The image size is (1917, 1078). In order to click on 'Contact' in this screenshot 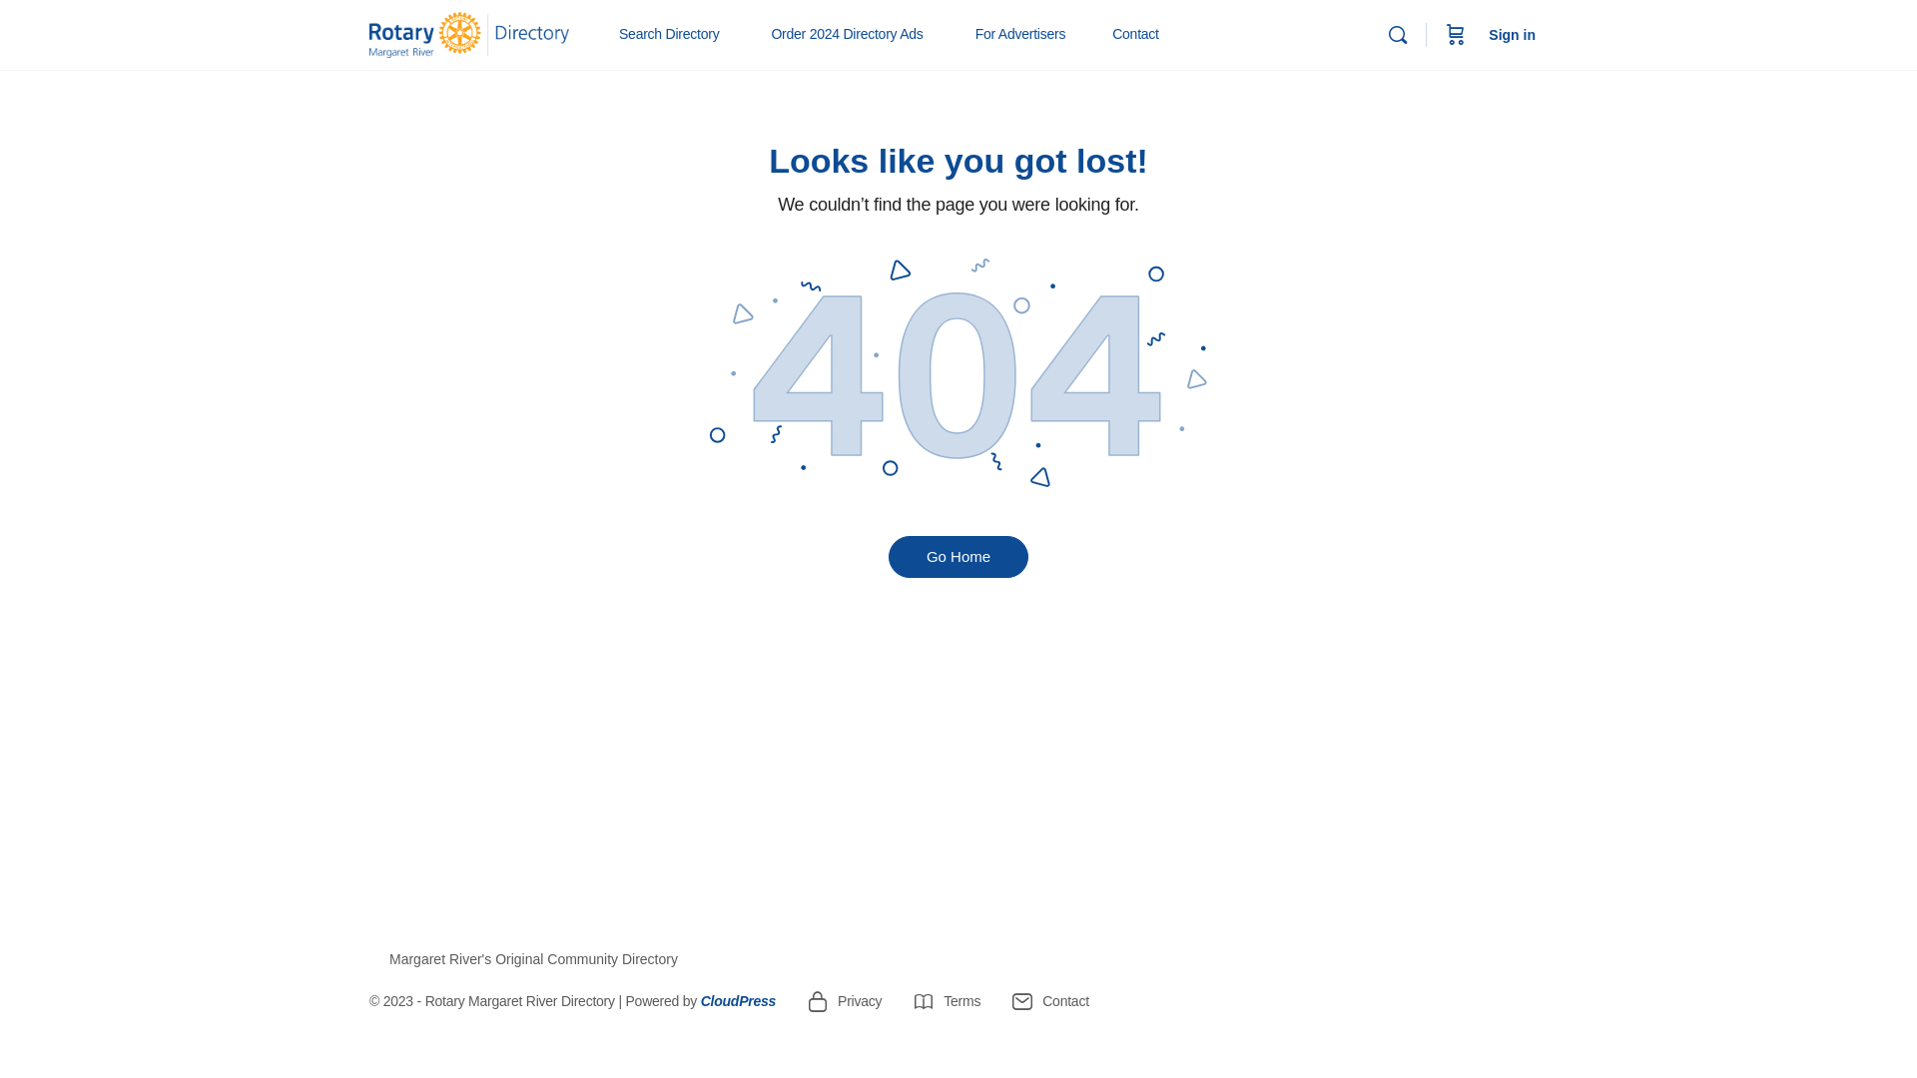, I will do `click(1135, 34)`.